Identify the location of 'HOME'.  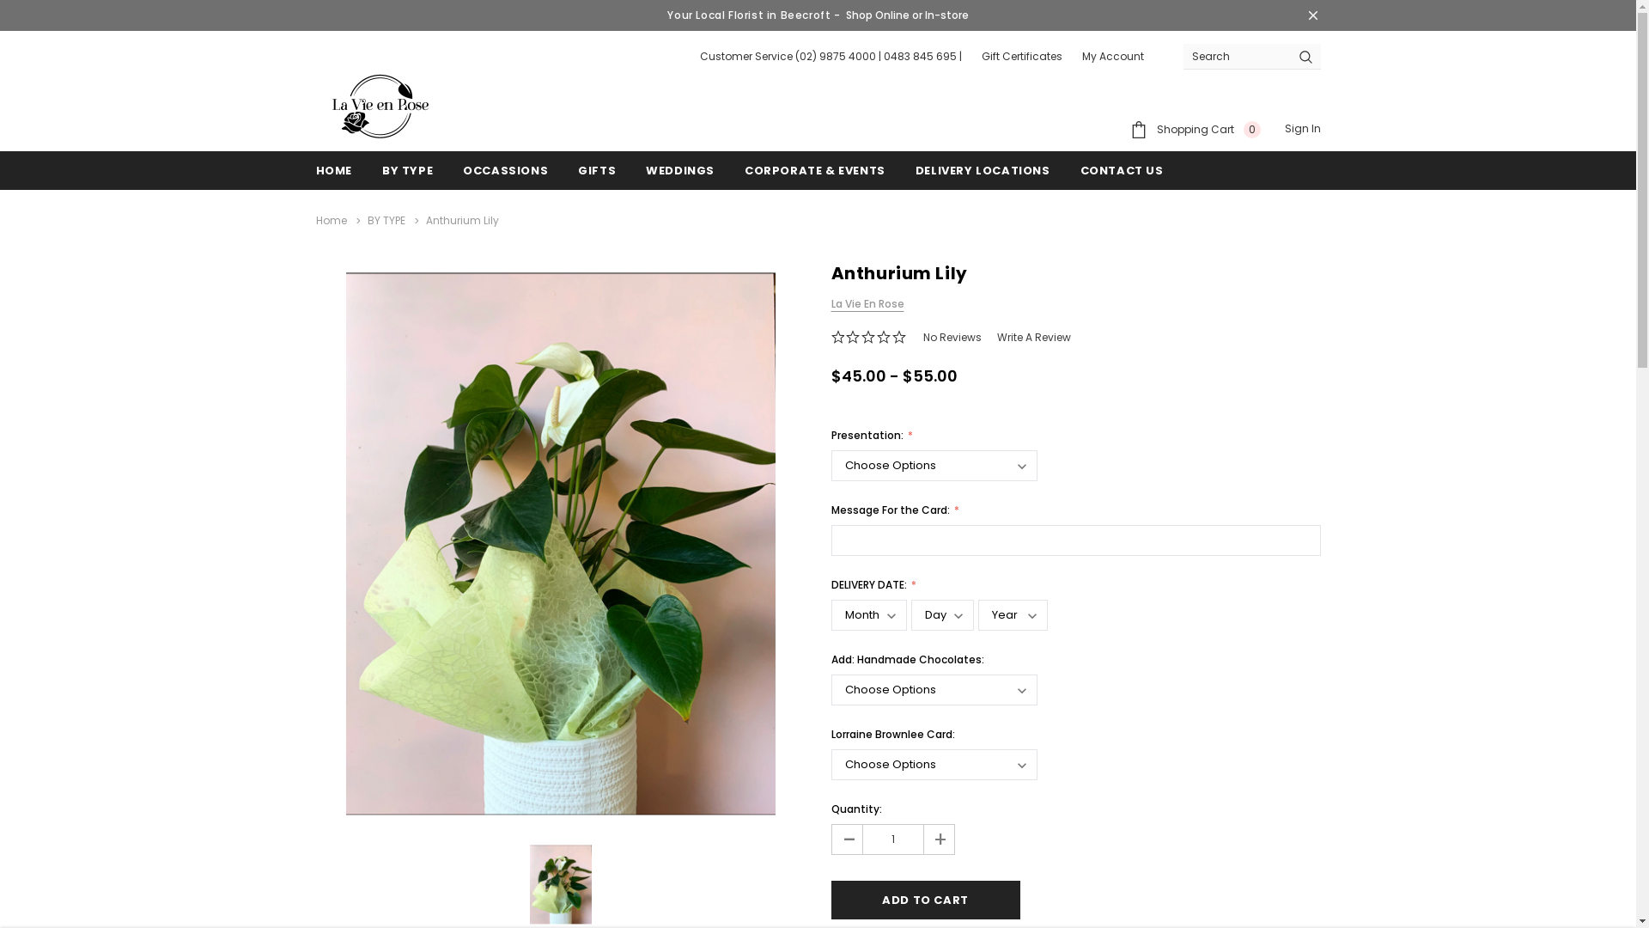
(316, 170).